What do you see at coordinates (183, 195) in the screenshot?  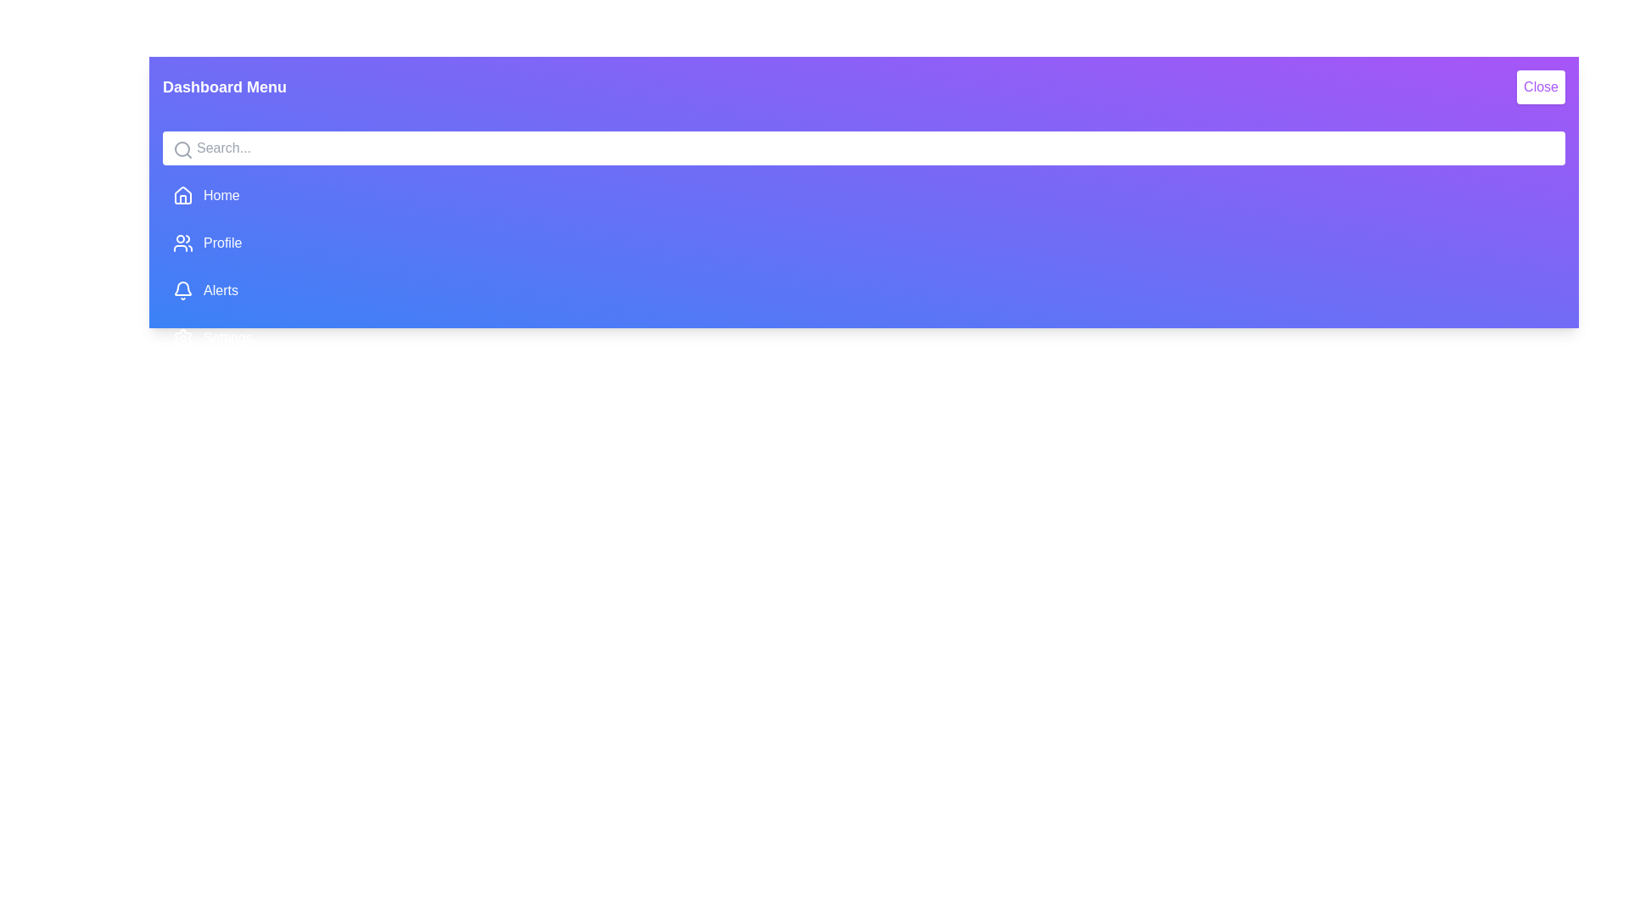 I see `the house-shaped SVG icon located to the left of the 'Home' menu item` at bounding box center [183, 195].